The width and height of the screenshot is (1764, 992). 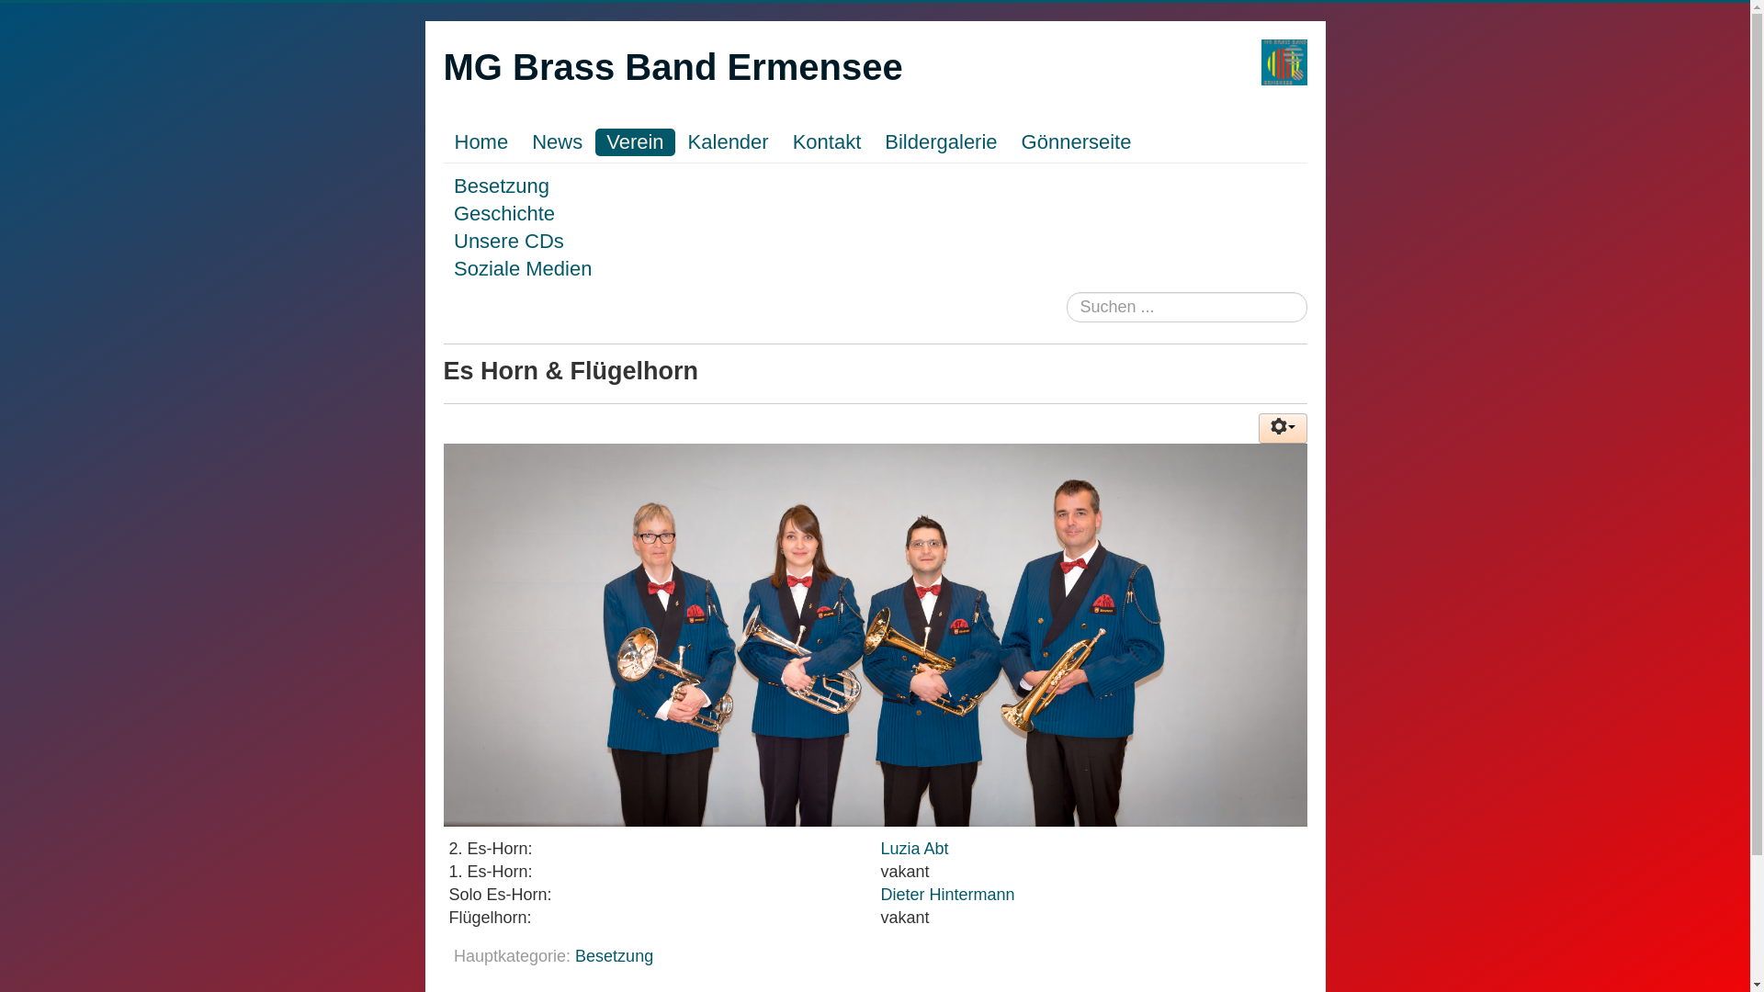 I want to click on 'Kalender', so click(x=676, y=141).